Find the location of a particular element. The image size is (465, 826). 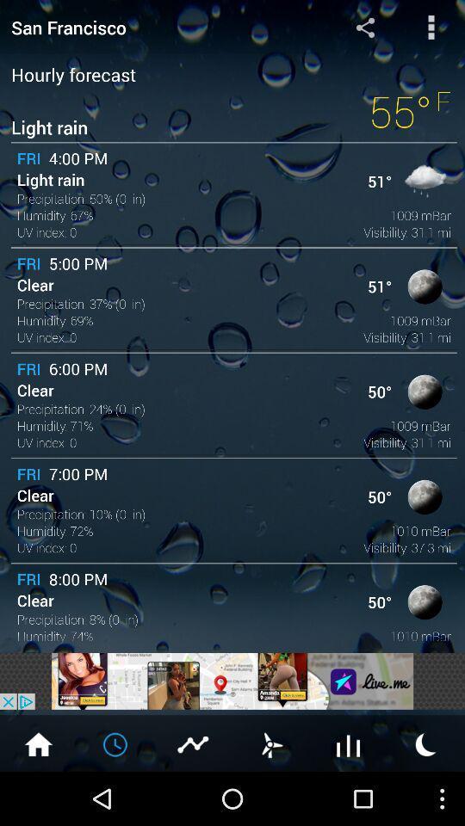

the home icon is located at coordinates (38, 796).